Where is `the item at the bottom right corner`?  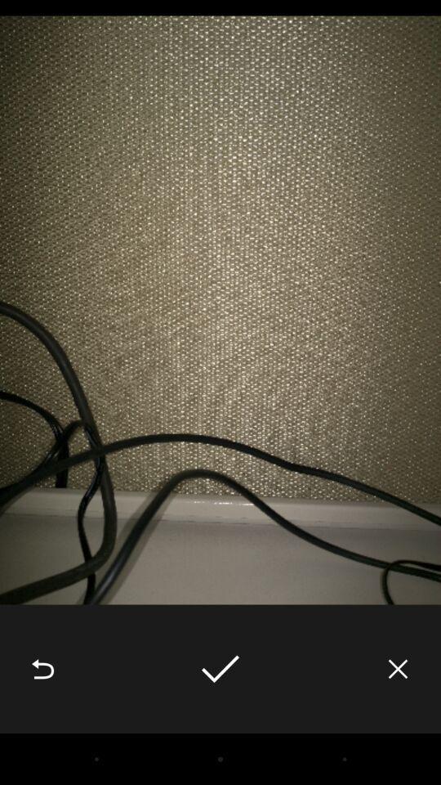 the item at the bottom right corner is located at coordinates (397, 669).